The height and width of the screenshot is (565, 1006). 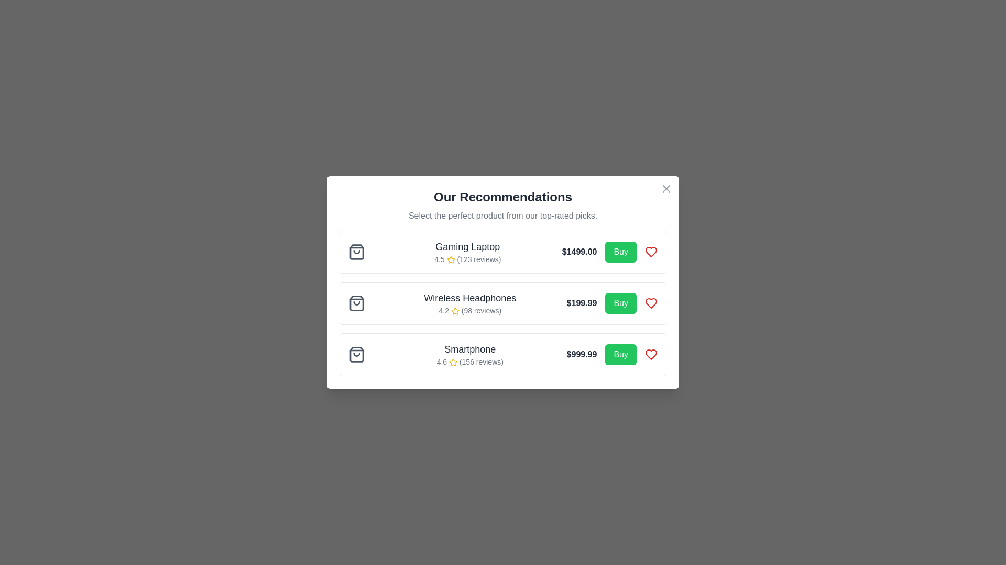 I want to click on price value displayed in the text label showing '$1499.00' located in the pricing area of the product card for 'Gaming Laptop', positioned to the right of the product rating and below the product title, so click(x=579, y=252).